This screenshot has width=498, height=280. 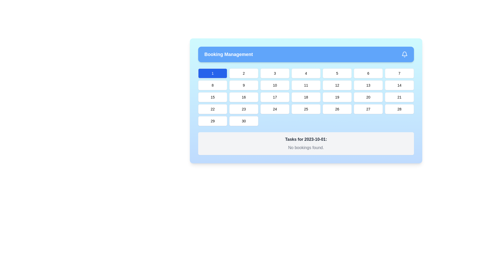 I want to click on the button representing the date '28' in the calendar interface, so click(x=399, y=109).